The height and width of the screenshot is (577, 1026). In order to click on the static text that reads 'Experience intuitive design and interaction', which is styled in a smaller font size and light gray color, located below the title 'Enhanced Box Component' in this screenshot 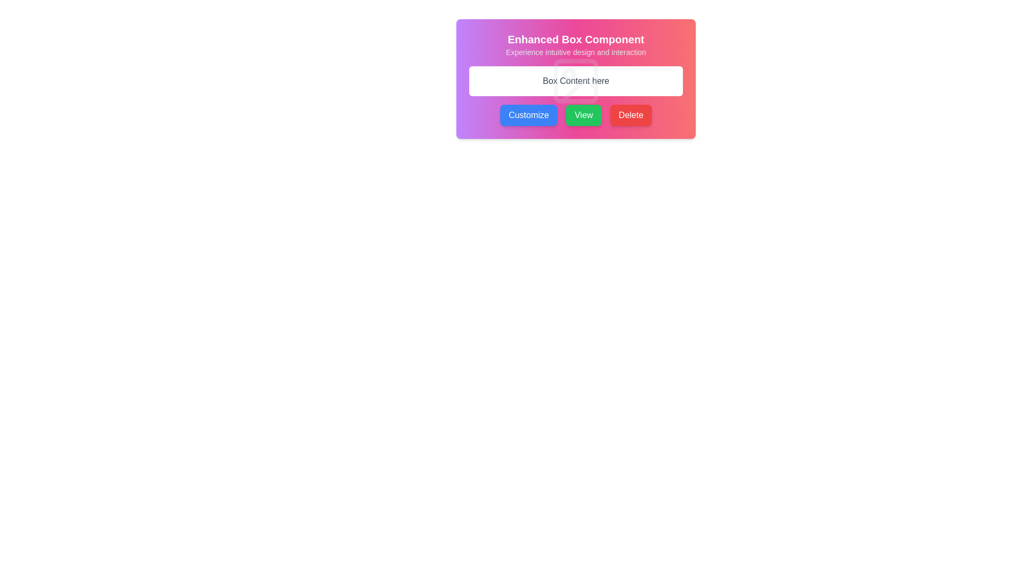, I will do `click(576, 52)`.